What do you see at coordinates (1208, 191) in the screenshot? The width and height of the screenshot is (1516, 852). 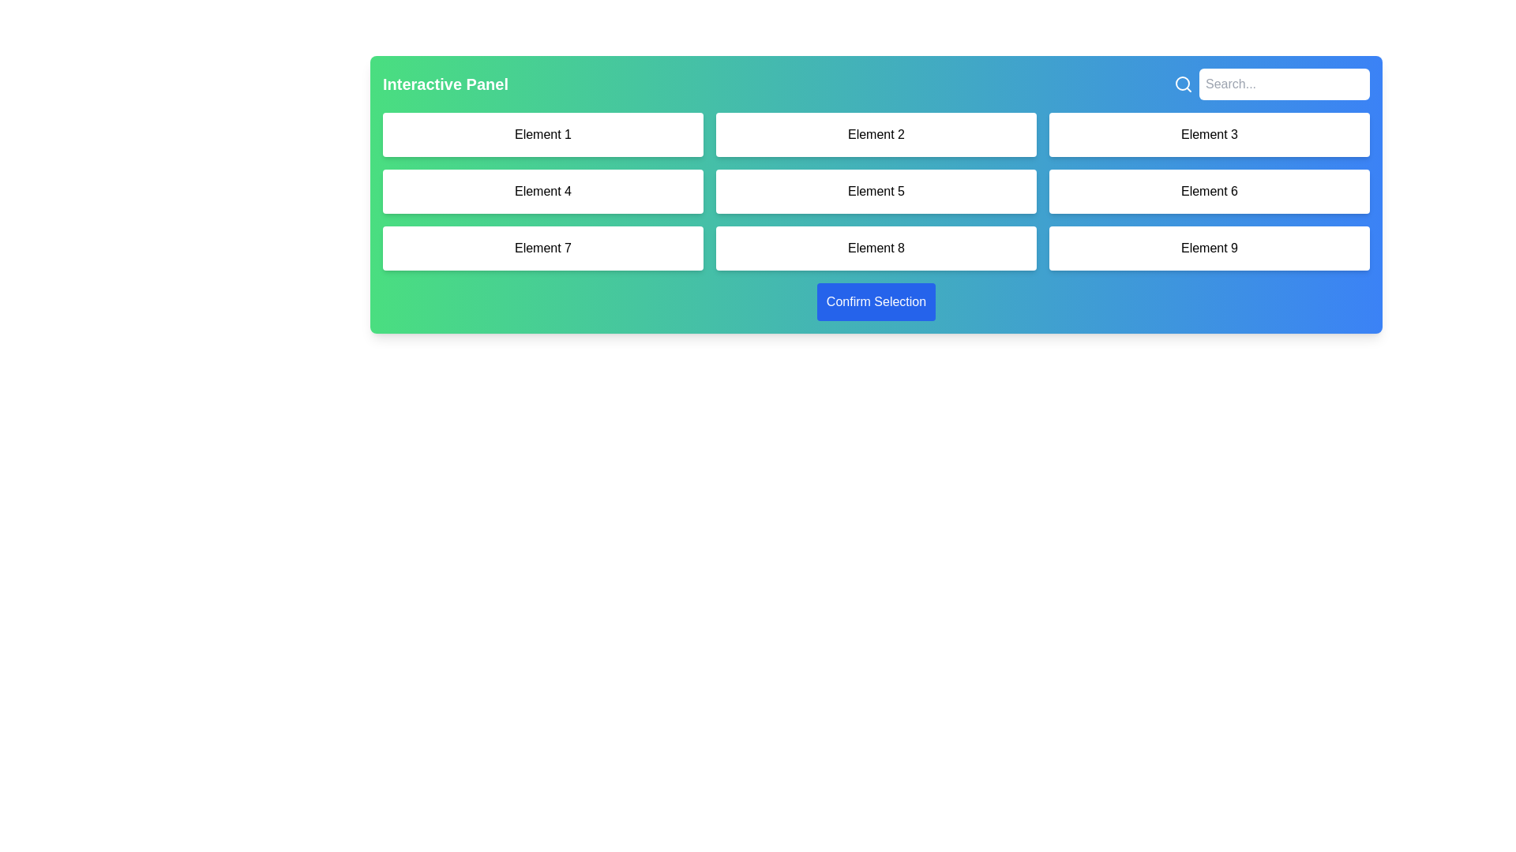 I see `the Button-like grid tile labeled 'Element 6' which is positioned in the second row, third column of a 3x3 grid layout` at bounding box center [1208, 191].